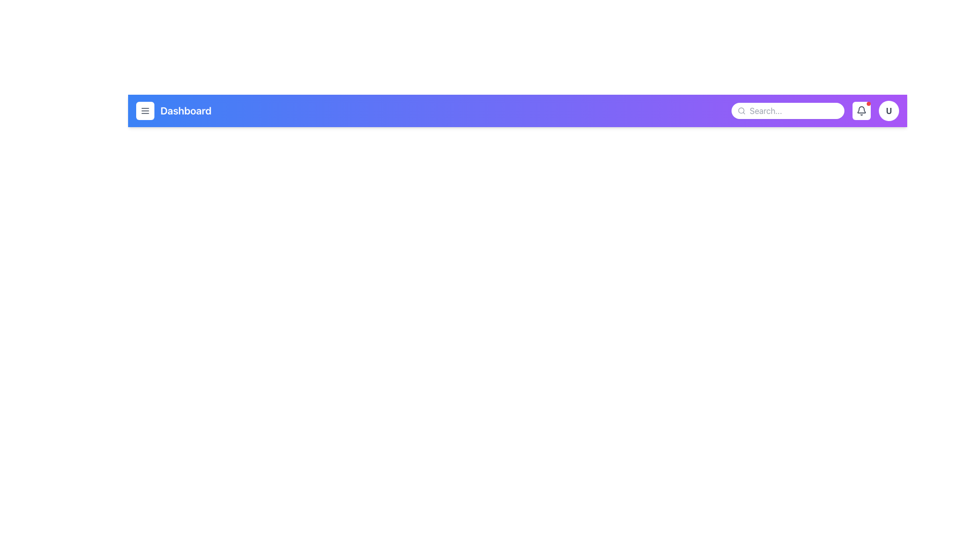  Describe the element at coordinates (186, 111) in the screenshot. I see `the text label displaying 'Dashboard' in white on a blue background, which is located in the navigation bar to the right of the menu icon` at that location.